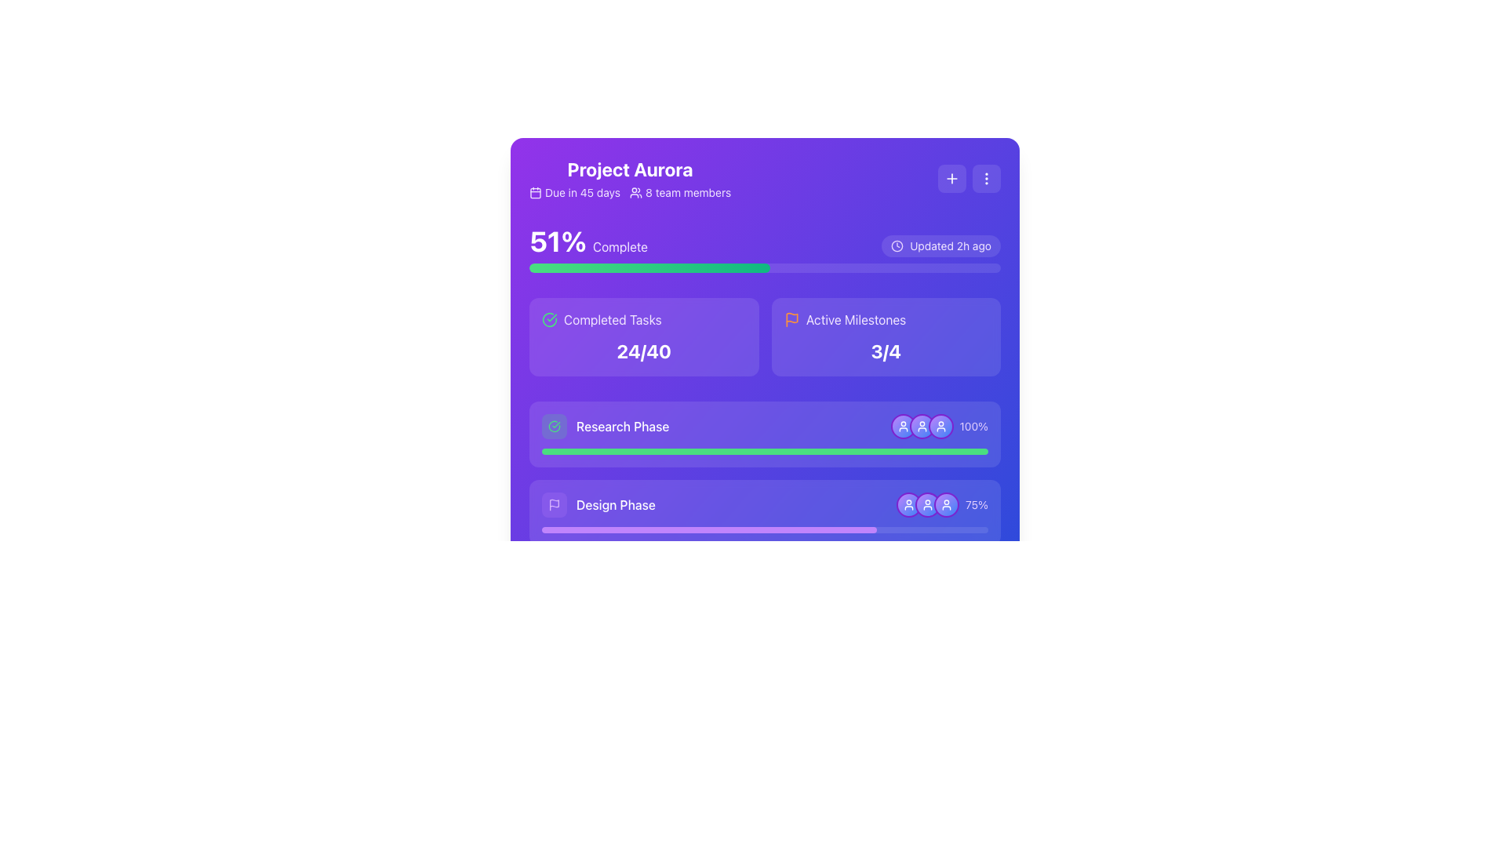 The image size is (1506, 847). Describe the element at coordinates (688, 192) in the screenshot. I see `the text label reading '8 team members' that is styled with a smaller font size on a purple background, located in the header section near the title 'Project Aurora'` at that location.